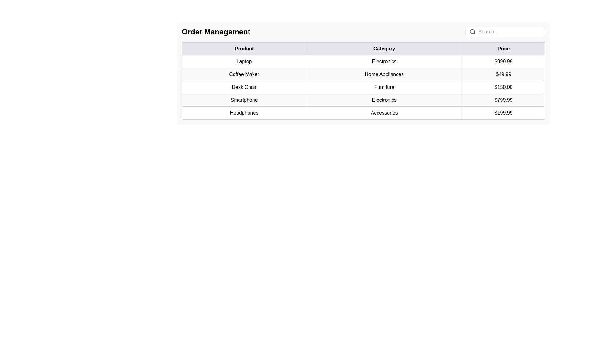 The width and height of the screenshot is (601, 338). Describe the element at coordinates (363, 87) in the screenshot. I see `the third row of the product table that displays information about a specific product, which is positioned between 'Coffee Maker' and 'Smartphone'` at that location.